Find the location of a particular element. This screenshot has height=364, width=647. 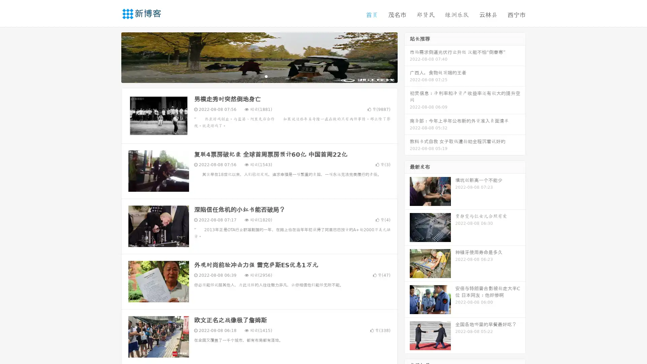

Go to slide 2 is located at coordinates (259, 76).